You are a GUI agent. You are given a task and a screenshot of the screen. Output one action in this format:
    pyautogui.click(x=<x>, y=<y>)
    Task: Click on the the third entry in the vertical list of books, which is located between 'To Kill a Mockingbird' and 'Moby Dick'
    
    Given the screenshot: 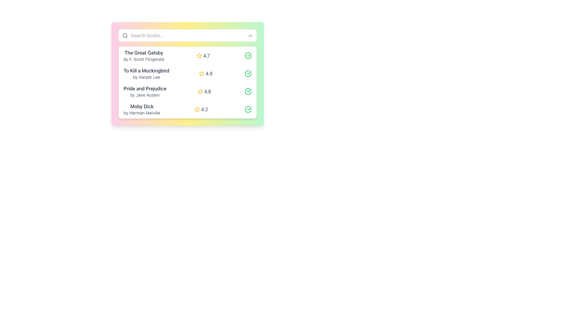 What is the action you would take?
    pyautogui.click(x=187, y=83)
    